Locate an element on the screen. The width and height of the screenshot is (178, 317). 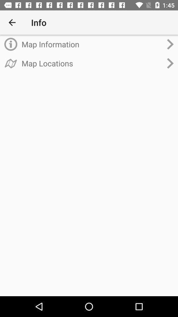
item below the map information item is located at coordinates (92, 63).